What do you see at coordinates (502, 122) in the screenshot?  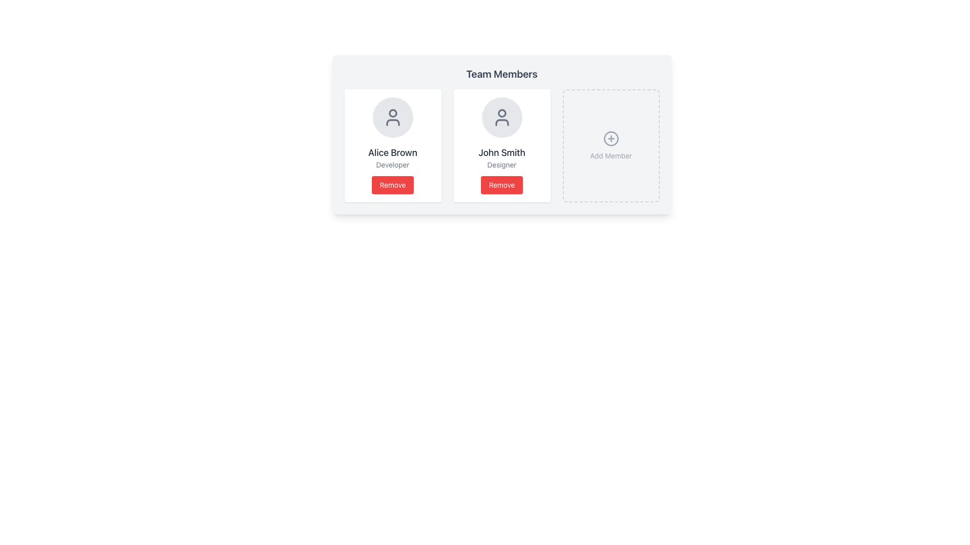 I see `the graphical vector shape representing a person, located under the 'John Smith' label and adjacent to the red 'Remove' button` at bounding box center [502, 122].